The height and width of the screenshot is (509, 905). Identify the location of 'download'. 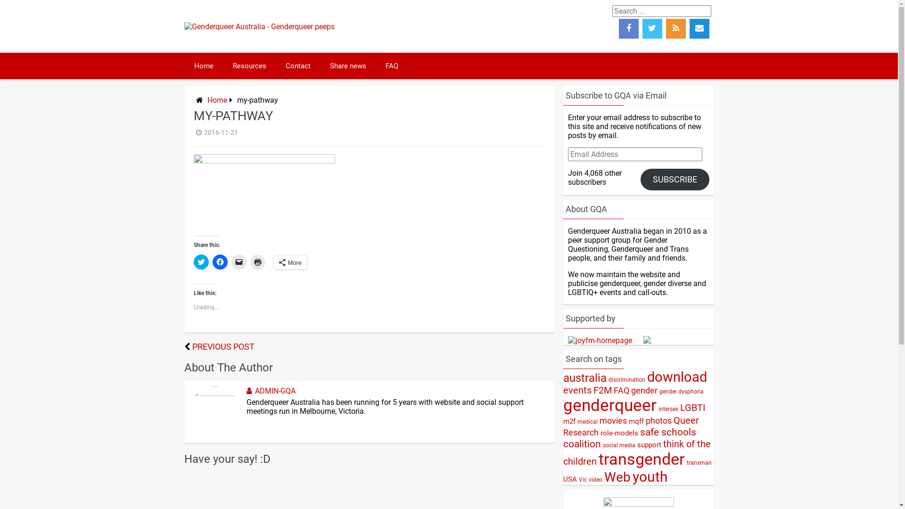
(676, 376).